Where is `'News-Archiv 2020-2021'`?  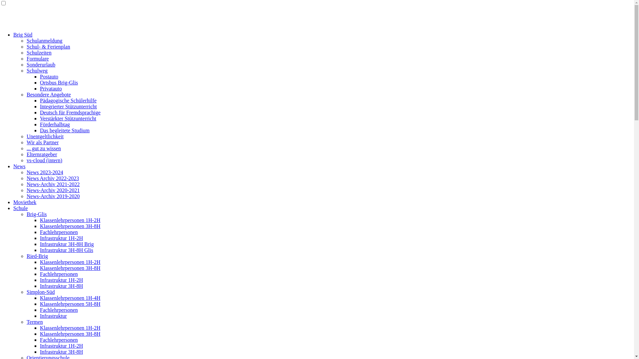 'News-Archiv 2020-2021' is located at coordinates (27, 190).